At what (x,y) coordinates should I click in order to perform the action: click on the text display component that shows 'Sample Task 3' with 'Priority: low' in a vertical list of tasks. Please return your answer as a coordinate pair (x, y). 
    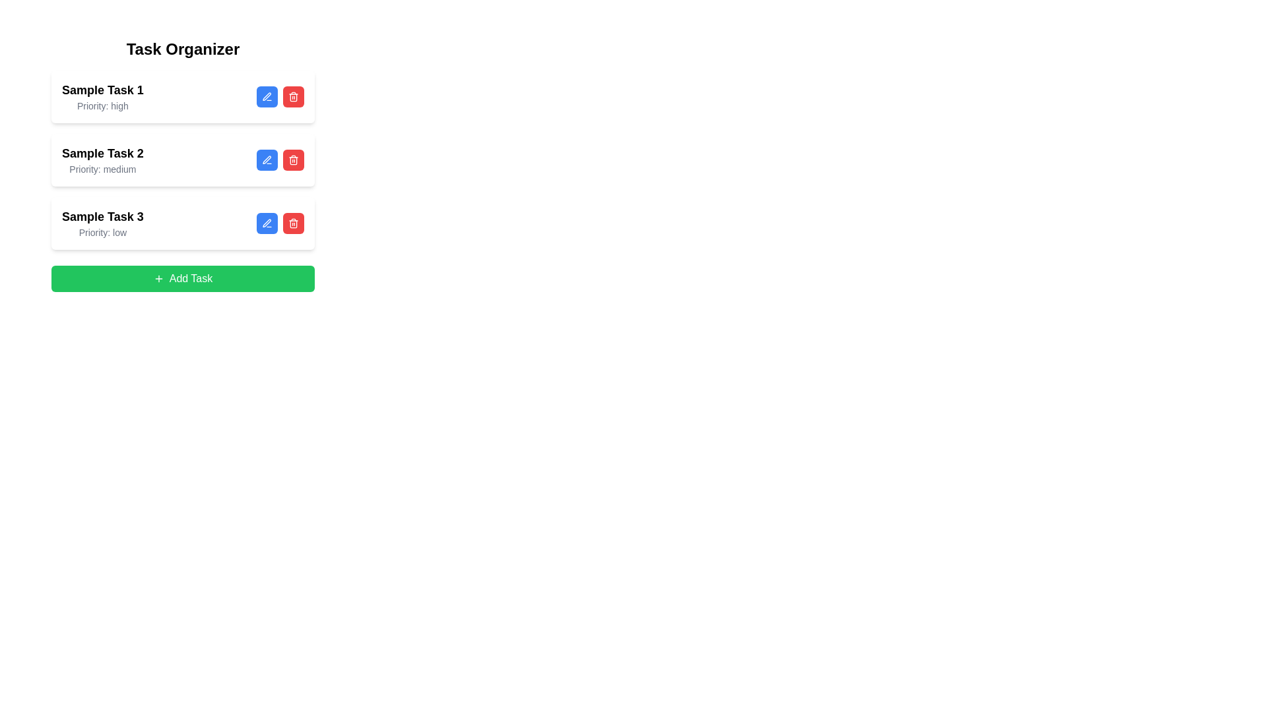
    Looking at the image, I should click on (102, 223).